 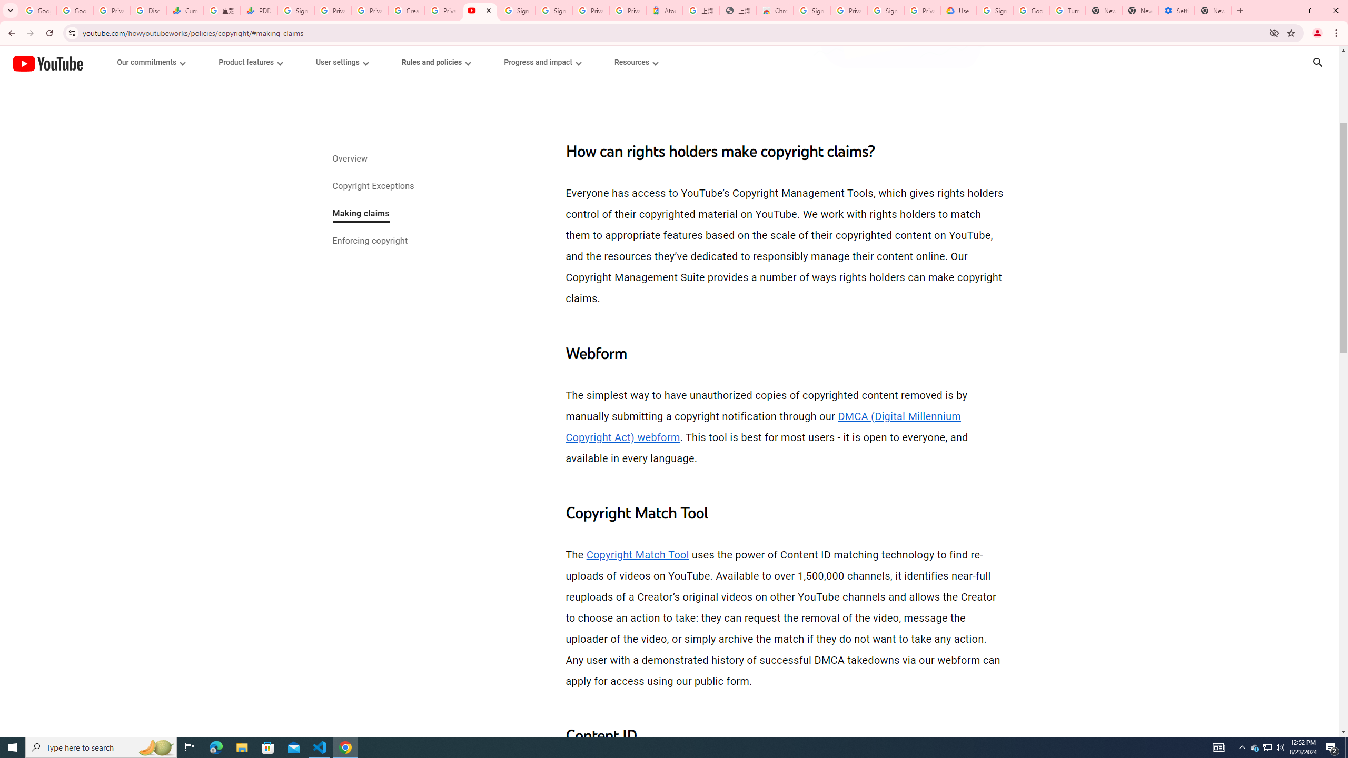 What do you see at coordinates (6, 5) in the screenshot?
I see `'System'` at bounding box center [6, 5].